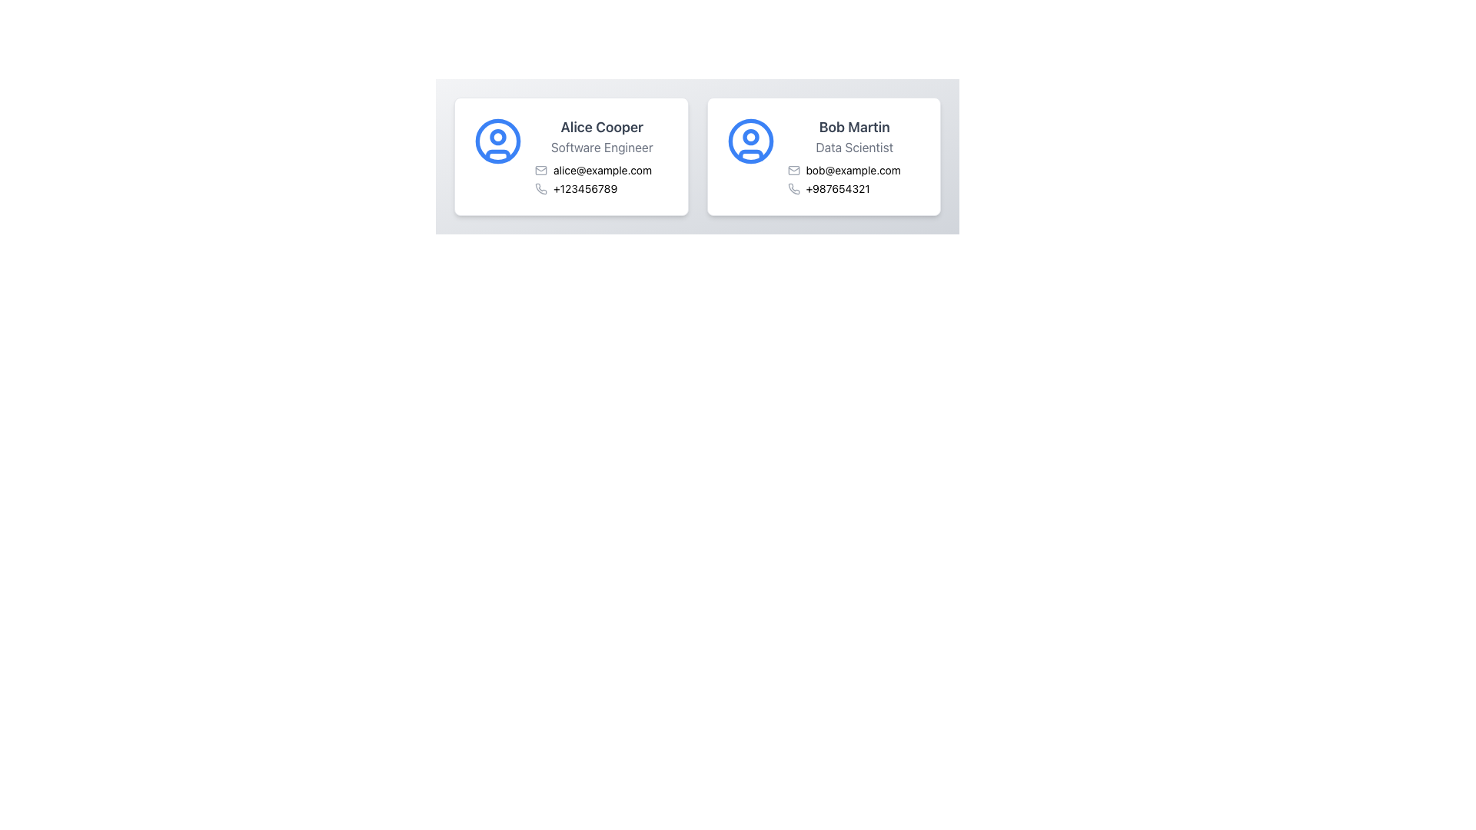 This screenshot has width=1476, height=830. Describe the element at coordinates (584, 188) in the screenshot. I see `the informational text displaying the user's phone number in the user profile card, located to the right of the phone icon and below the user's email address` at that location.